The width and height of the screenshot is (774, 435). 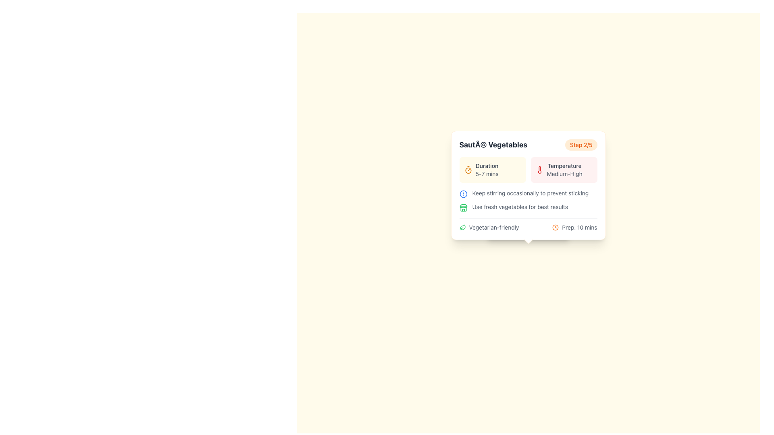 I want to click on the progress label indicating step 2 out of 5 on the card labeled 'Sauté Vegetables', located in the top-right corner of the card, so click(x=581, y=144).